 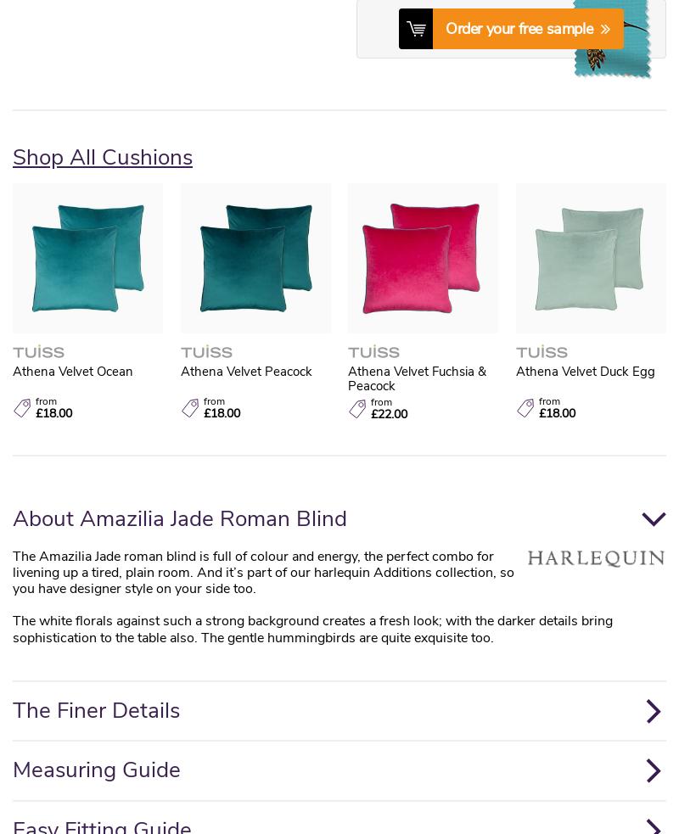 I want to click on 'Pleated Blinds', so click(x=539, y=332).